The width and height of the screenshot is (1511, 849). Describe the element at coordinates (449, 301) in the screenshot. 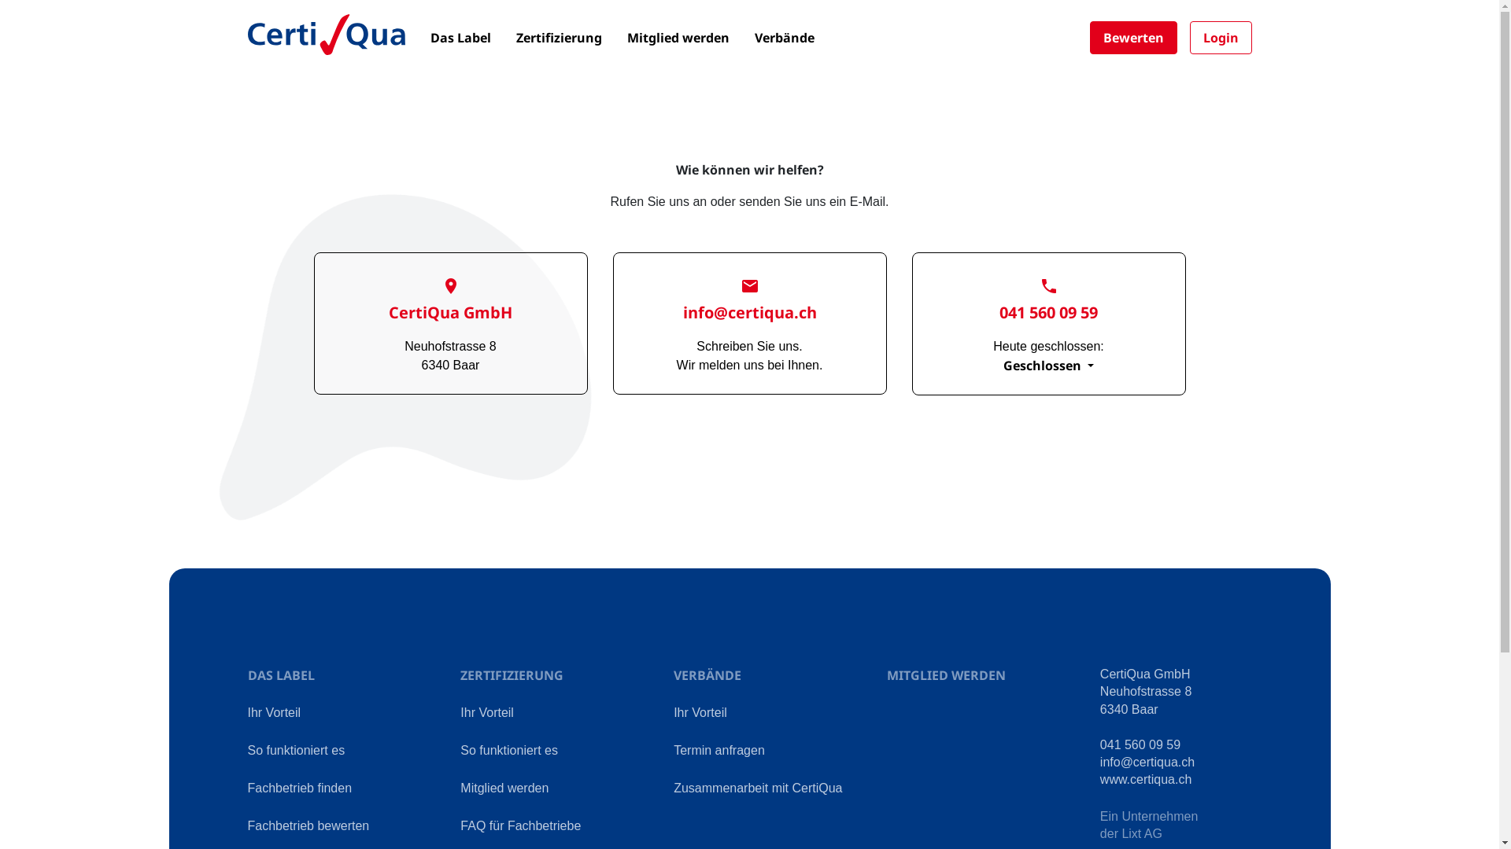

I see `'CertiQua GmbH'` at that location.